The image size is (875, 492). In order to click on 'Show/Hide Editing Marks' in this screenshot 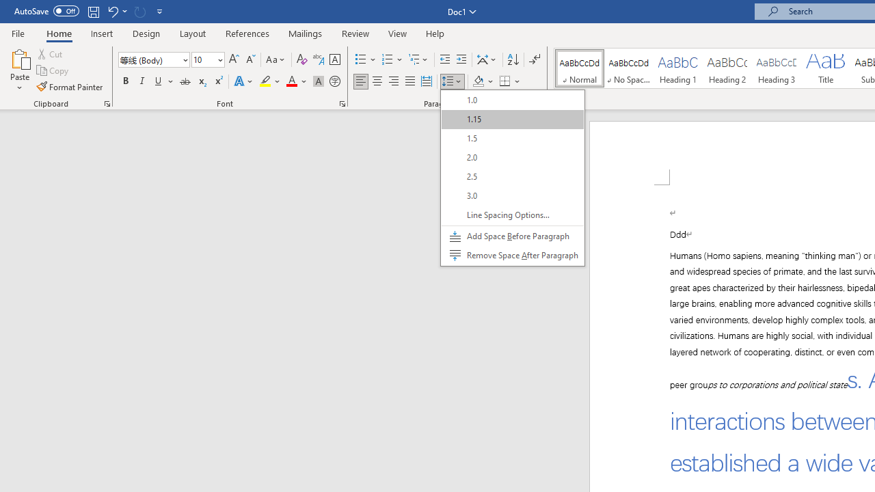, I will do `click(534, 59)`.